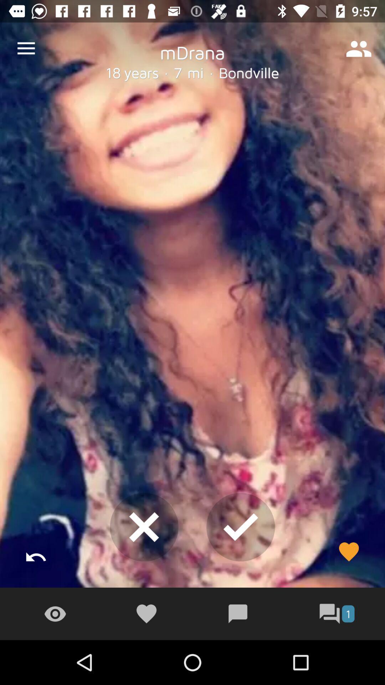  Describe the element at coordinates (144, 527) in the screenshot. I see `the close icon` at that location.